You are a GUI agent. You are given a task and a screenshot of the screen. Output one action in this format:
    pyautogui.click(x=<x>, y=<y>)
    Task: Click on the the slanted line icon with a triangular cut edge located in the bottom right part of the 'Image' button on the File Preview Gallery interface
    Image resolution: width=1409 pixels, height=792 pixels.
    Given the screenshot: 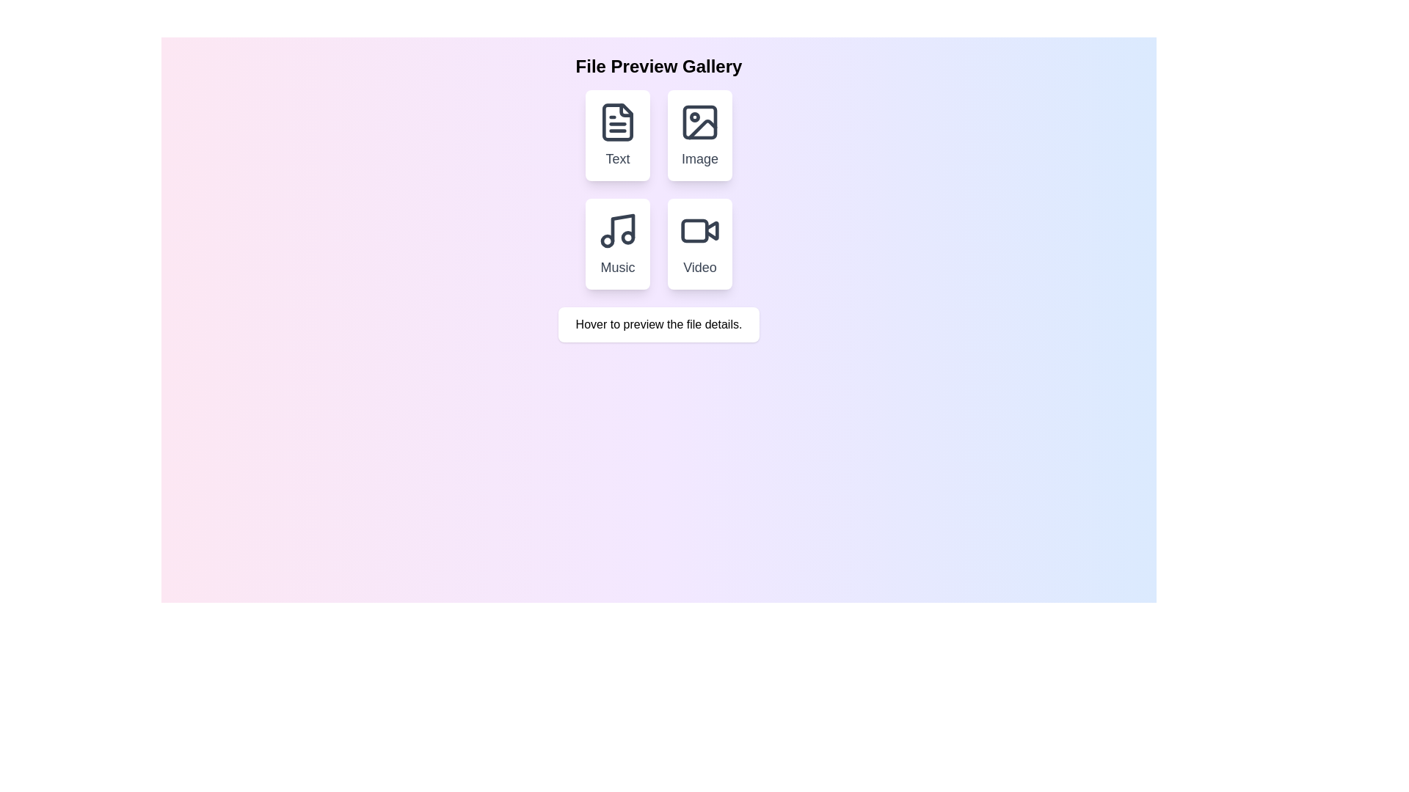 What is the action you would take?
    pyautogui.click(x=702, y=128)
    